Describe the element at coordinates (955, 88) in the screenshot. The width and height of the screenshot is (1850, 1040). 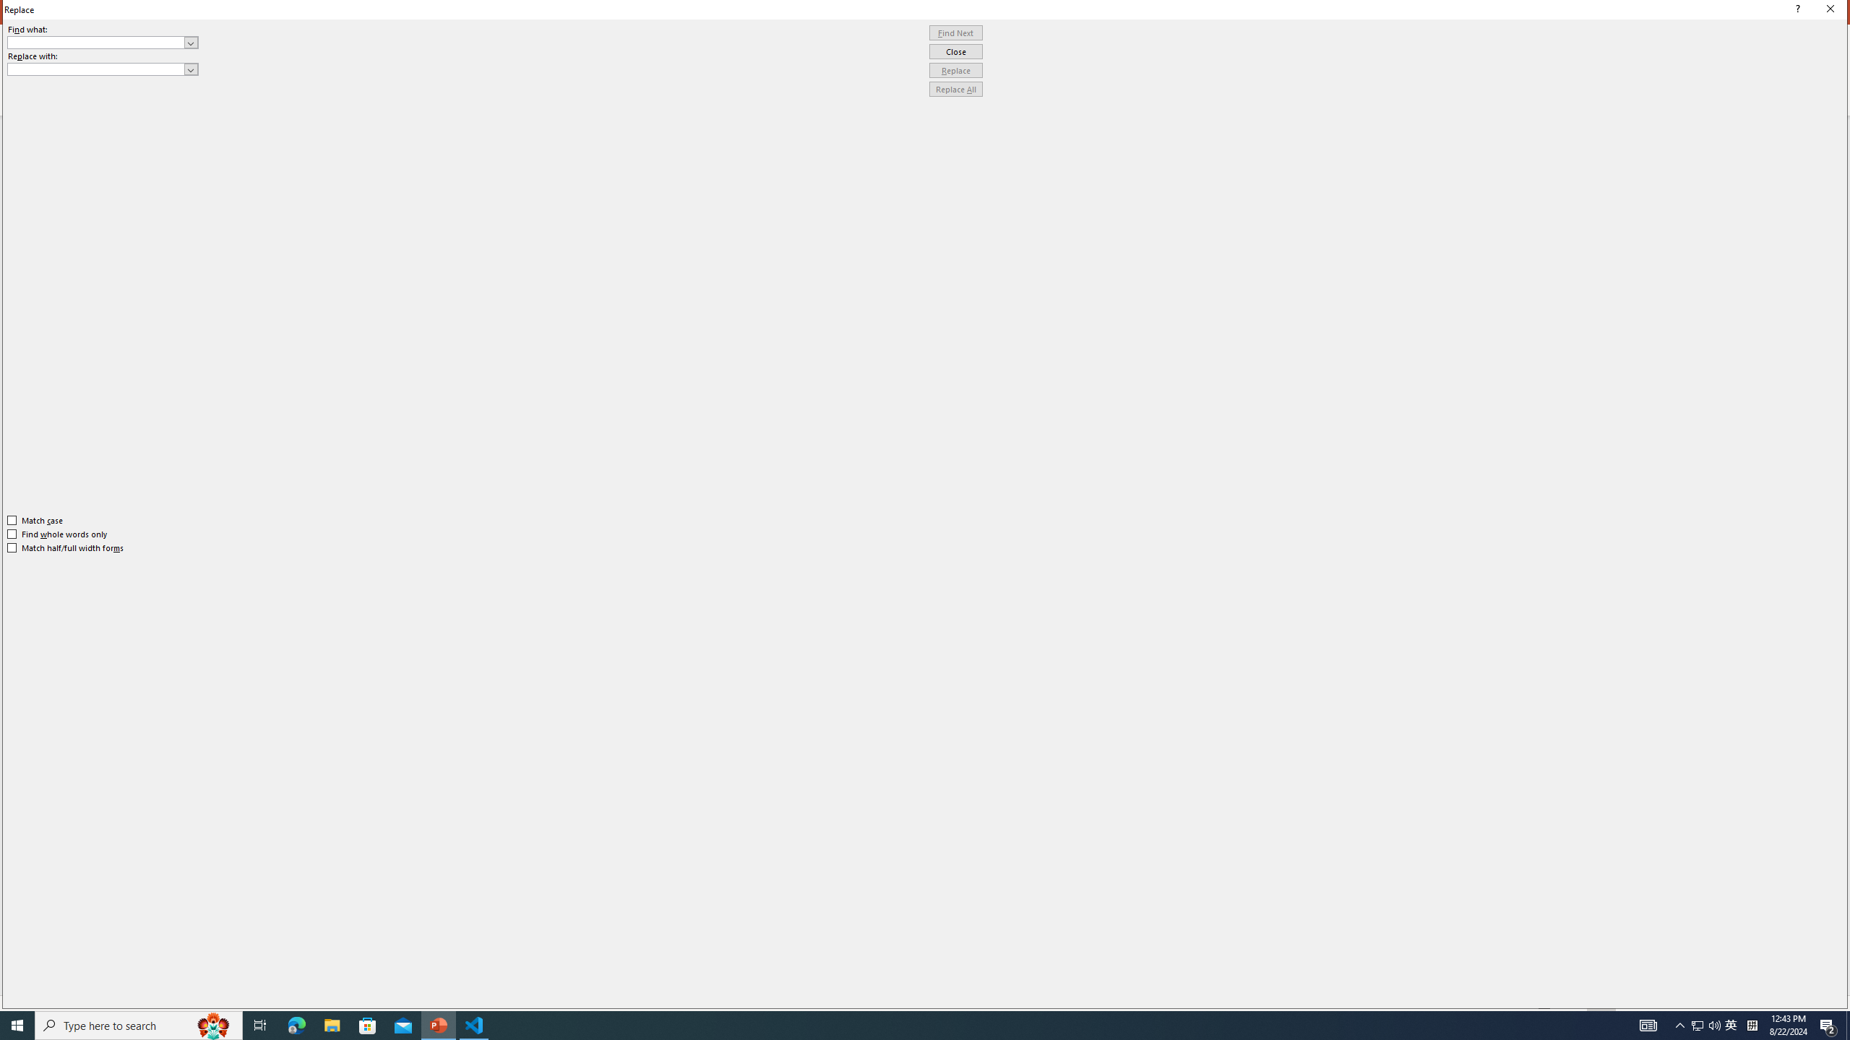
I see `'Replace All'` at that location.